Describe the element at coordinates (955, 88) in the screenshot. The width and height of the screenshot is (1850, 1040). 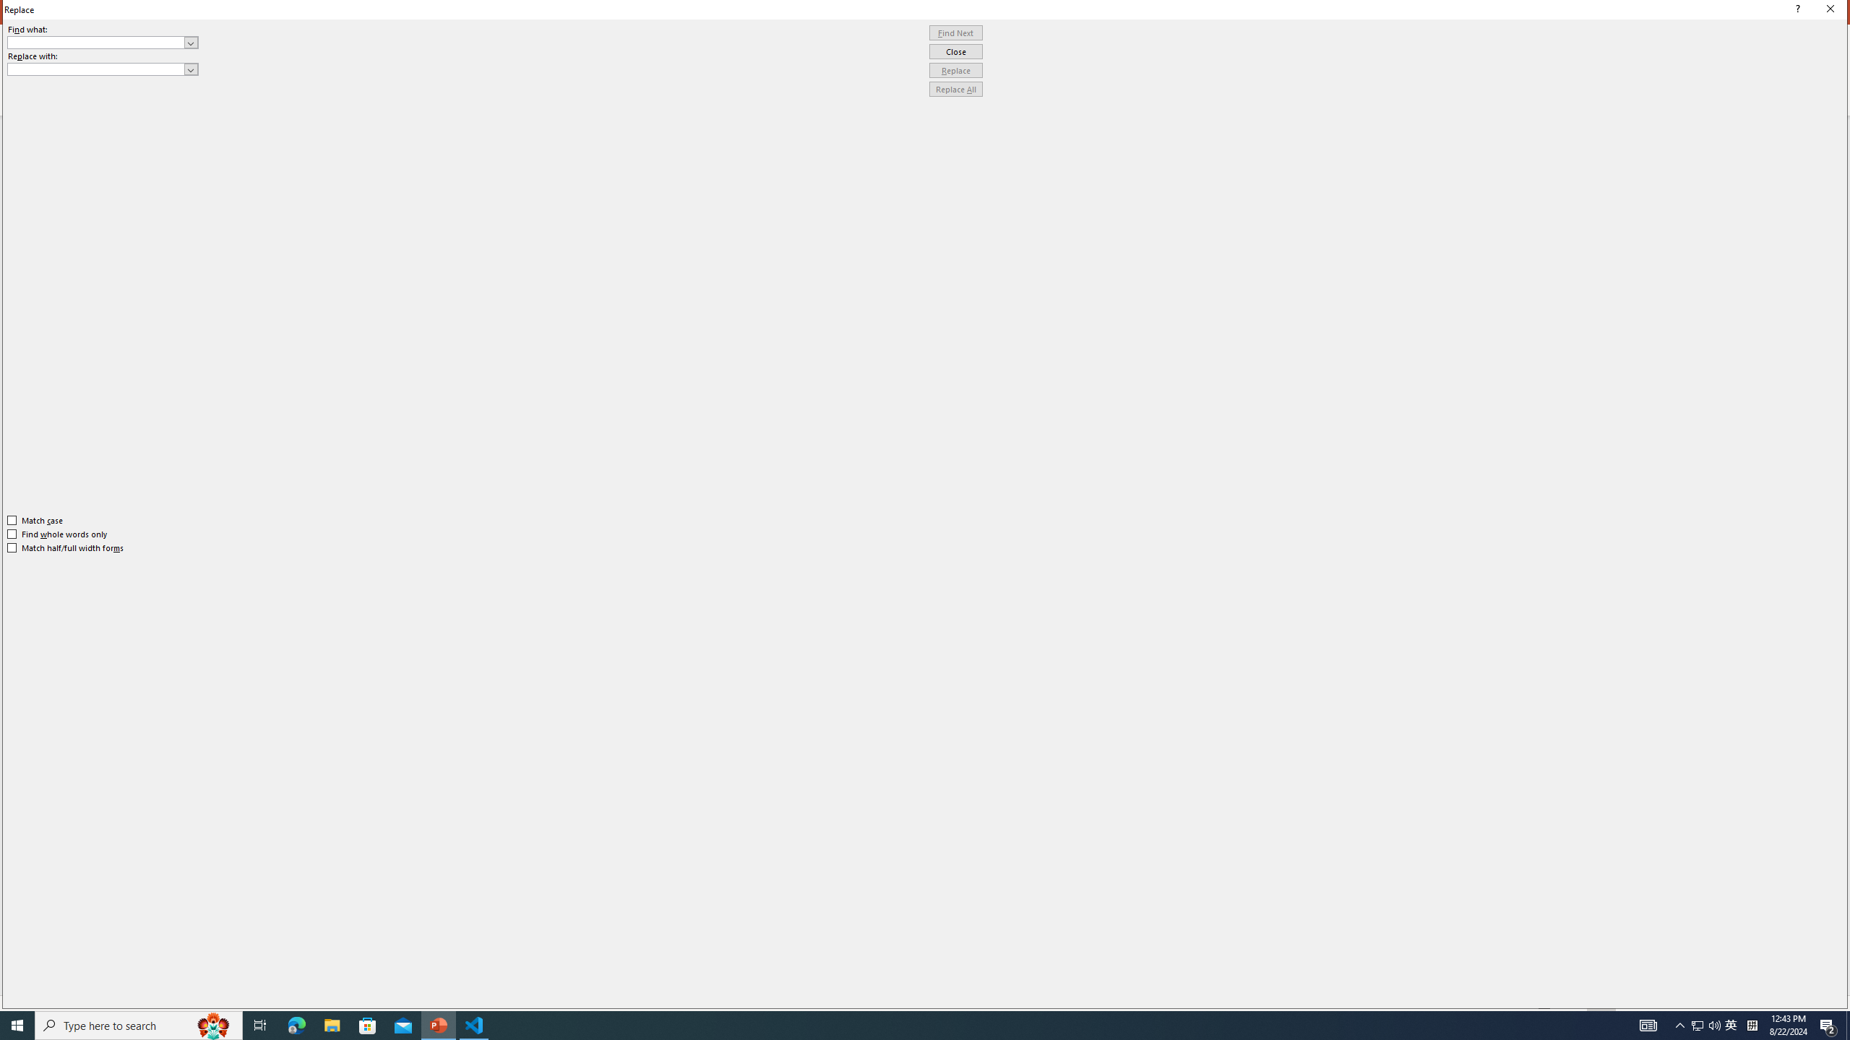
I see `'Replace All'` at that location.